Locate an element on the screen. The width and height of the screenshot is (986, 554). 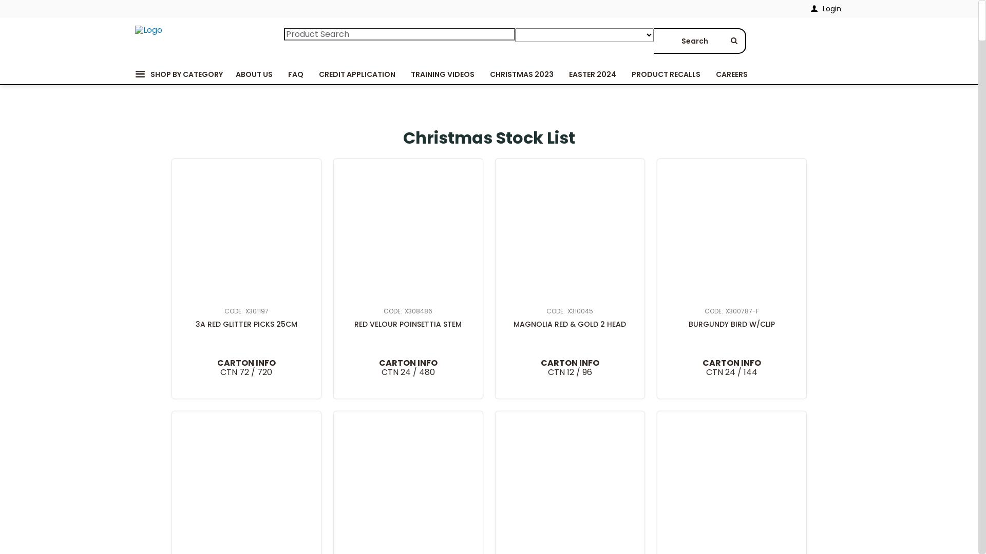
'Search' is located at coordinates (653, 41).